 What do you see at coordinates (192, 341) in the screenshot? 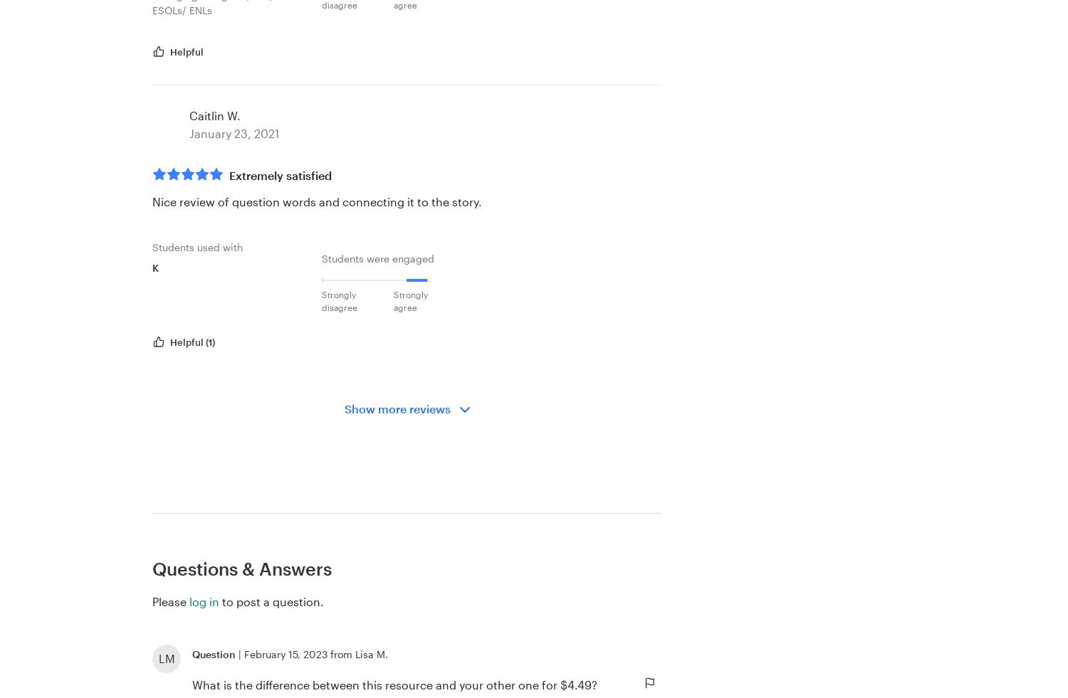
I see `'Helpful (1)'` at bounding box center [192, 341].